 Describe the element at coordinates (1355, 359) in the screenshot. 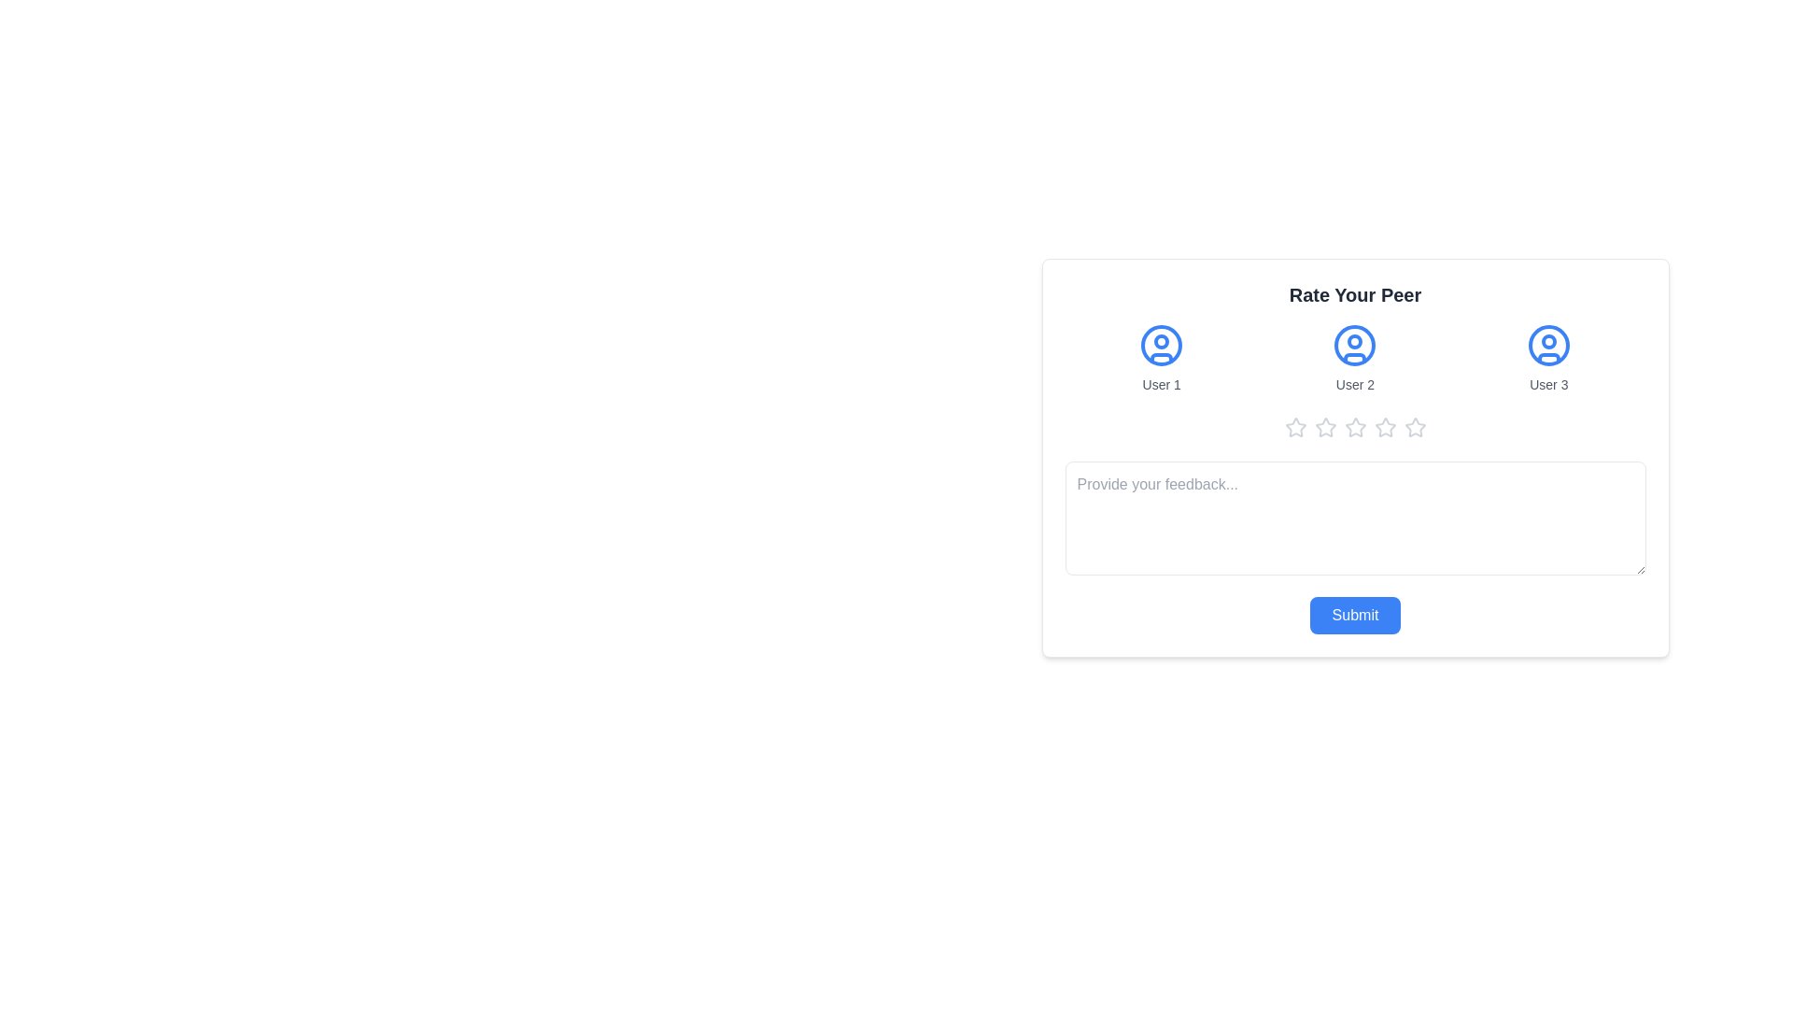

I see `the avatar and label of User 2` at that location.